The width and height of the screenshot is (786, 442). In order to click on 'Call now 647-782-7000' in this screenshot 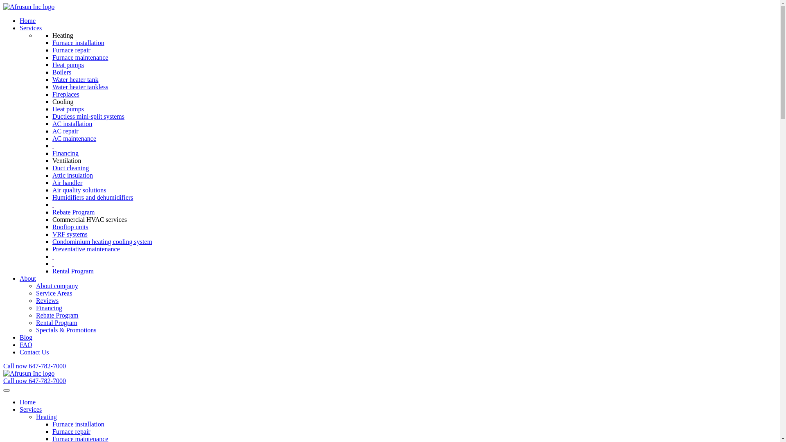, I will do `click(3, 381)`.